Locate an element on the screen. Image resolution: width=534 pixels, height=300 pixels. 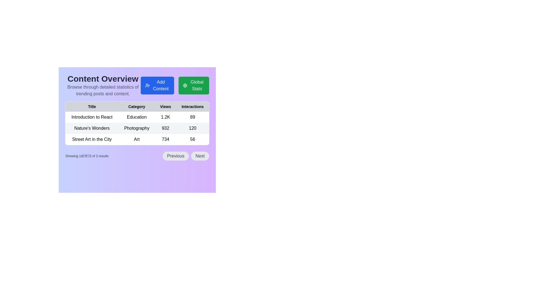
value displayed in the text element showing '932', which is centrally aligned in the 'Views' column for the entry 'Nature's Wonders' in the table layout is located at coordinates (165, 128).